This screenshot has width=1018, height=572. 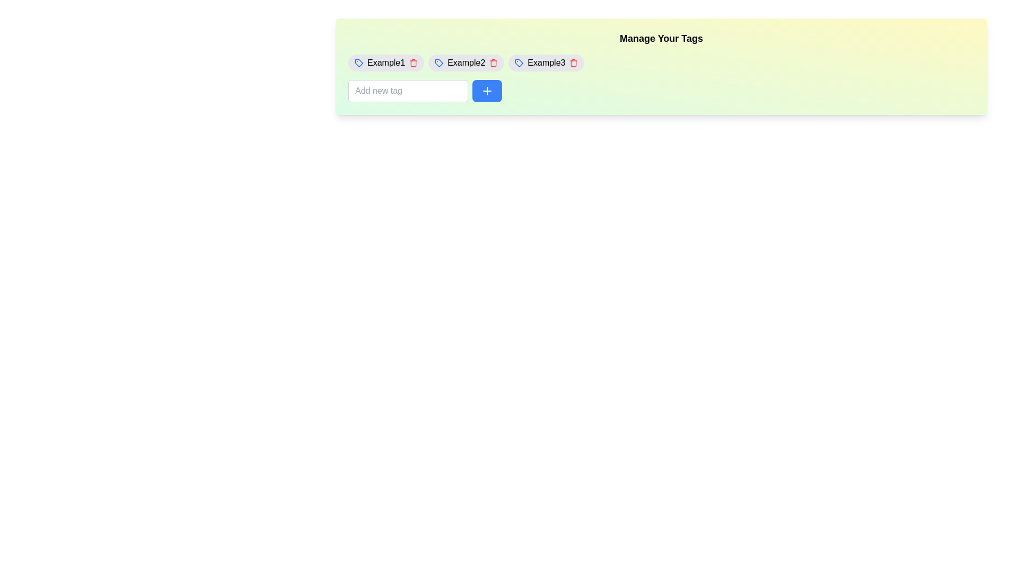 What do you see at coordinates (358, 63) in the screenshot?
I see `leftmost SVG icon representing a tag, which is positioned next to the text 'Example1' in the top-left region of the card` at bounding box center [358, 63].